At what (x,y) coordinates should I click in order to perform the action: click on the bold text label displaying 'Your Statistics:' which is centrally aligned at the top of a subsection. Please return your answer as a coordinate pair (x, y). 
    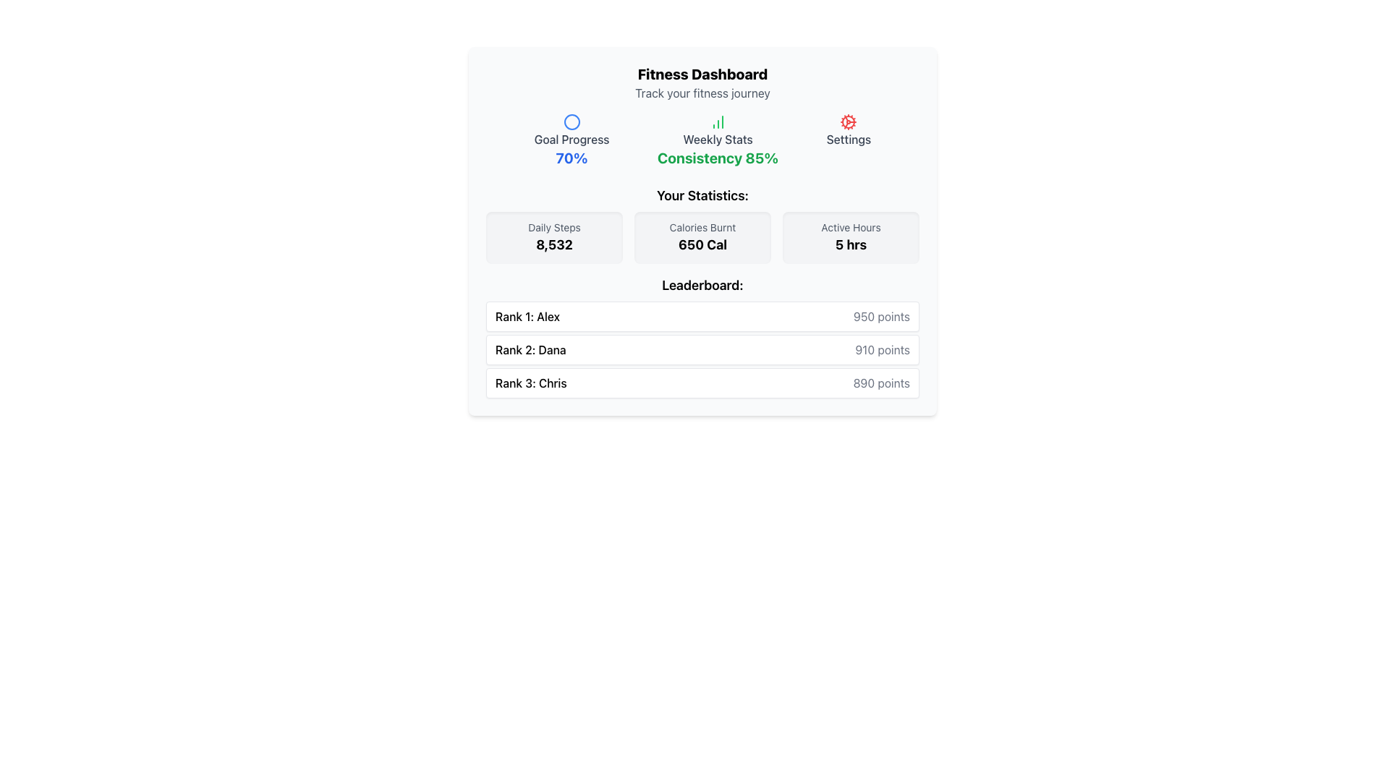
    Looking at the image, I should click on (702, 195).